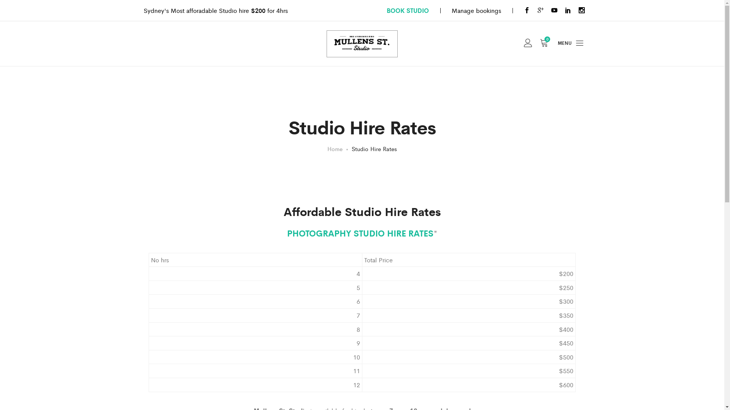  What do you see at coordinates (540, 10) in the screenshot?
I see `'Google Plus'` at bounding box center [540, 10].